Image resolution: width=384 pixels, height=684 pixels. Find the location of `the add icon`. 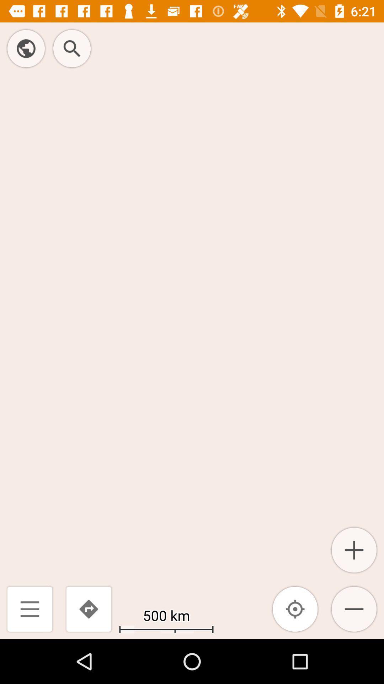

the add icon is located at coordinates (354, 550).